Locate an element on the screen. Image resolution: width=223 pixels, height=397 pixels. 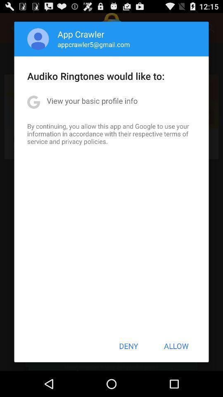
the view your basic item is located at coordinates (92, 100).